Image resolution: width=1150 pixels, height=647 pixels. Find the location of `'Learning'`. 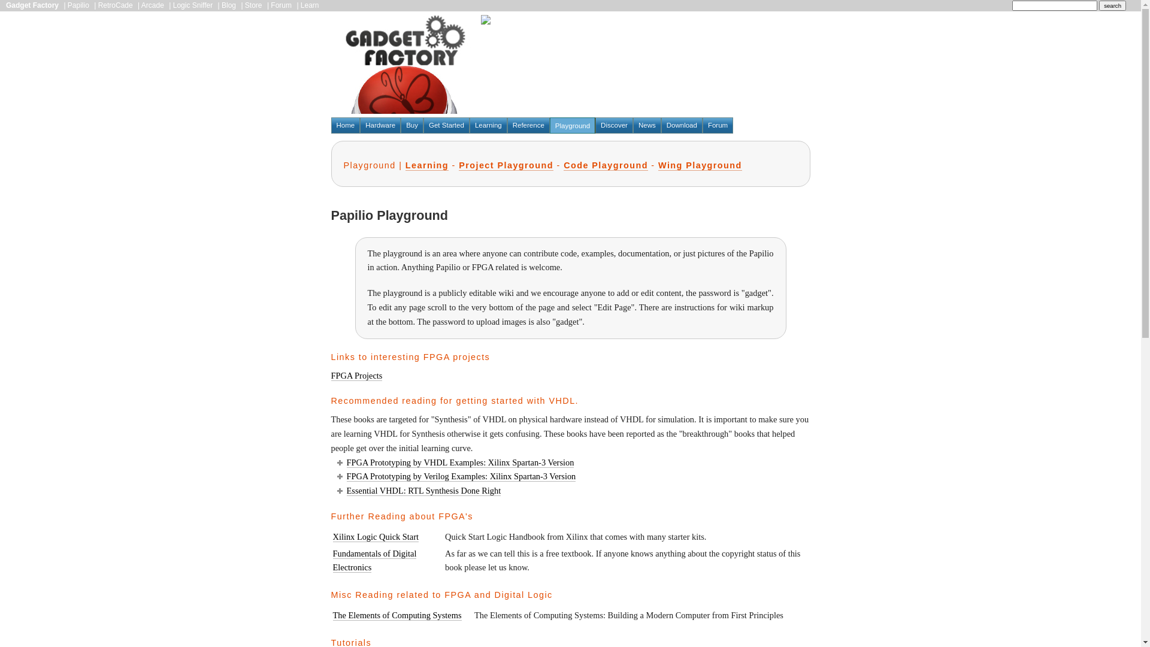

'Learning' is located at coordinates (468, 125).